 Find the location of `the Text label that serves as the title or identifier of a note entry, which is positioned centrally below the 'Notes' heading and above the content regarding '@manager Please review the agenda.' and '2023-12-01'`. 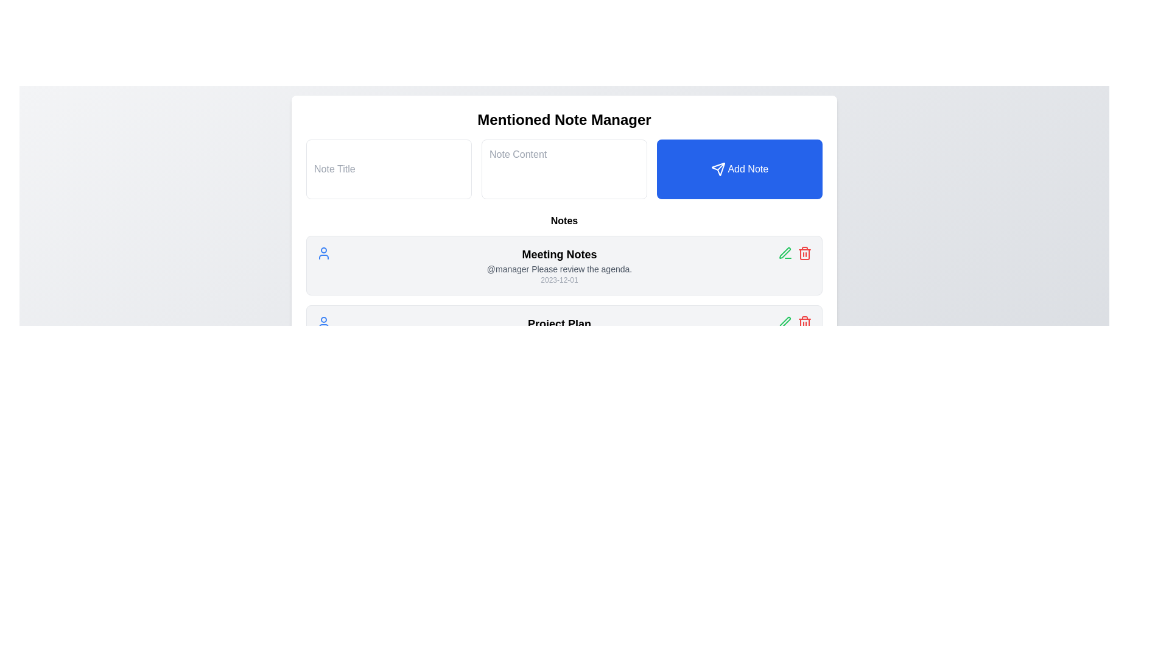

the Text label that serves as the title or identifier of a note entry, which is positioned centrally below the 'Notes' heading and above the content regarding '@manager Please review the agenda.' and '2023-12-01' is located at coordinates (558, 253).